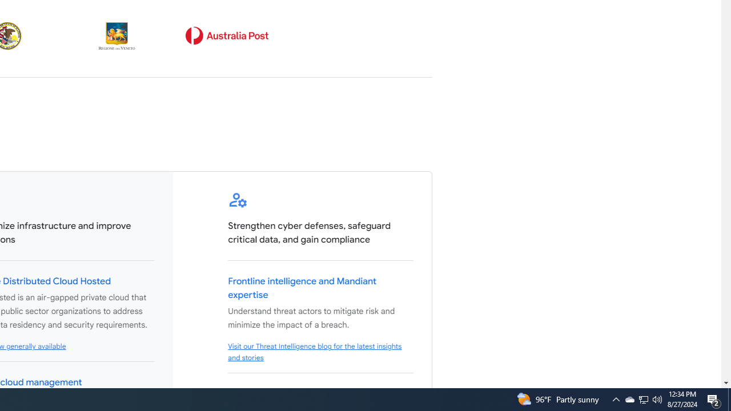 Image resolution: width=731 pixels, height=411 pixels. What do you see at coordinates (302, 288) in the screenshot?
I see `'Frontline intelligence and Mandiant expertise'` at bounding box center [302, 288].